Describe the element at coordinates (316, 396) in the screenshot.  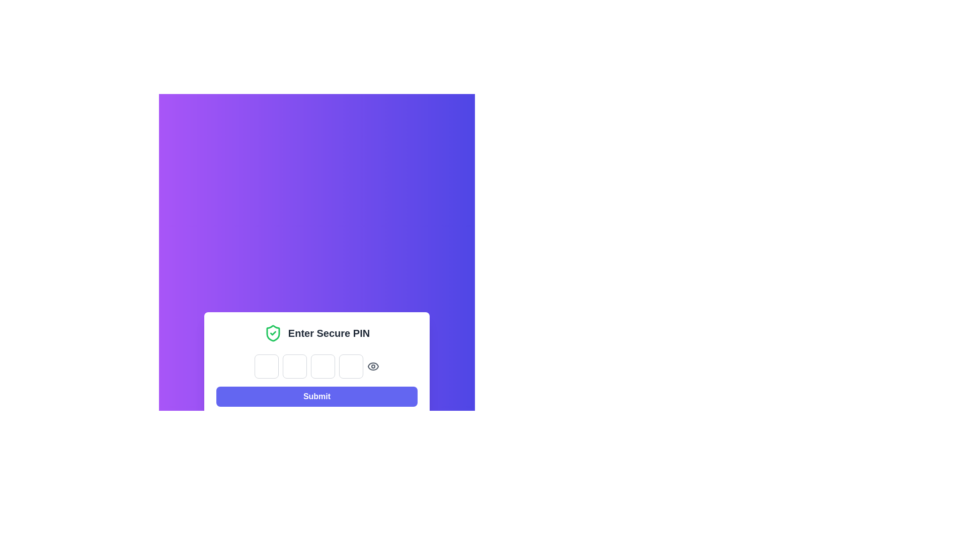
I see `the 'Submit' button, which is a rectangular button with rounded corners, filled with indigo color and containing bold white text, centered within the button` at that location.